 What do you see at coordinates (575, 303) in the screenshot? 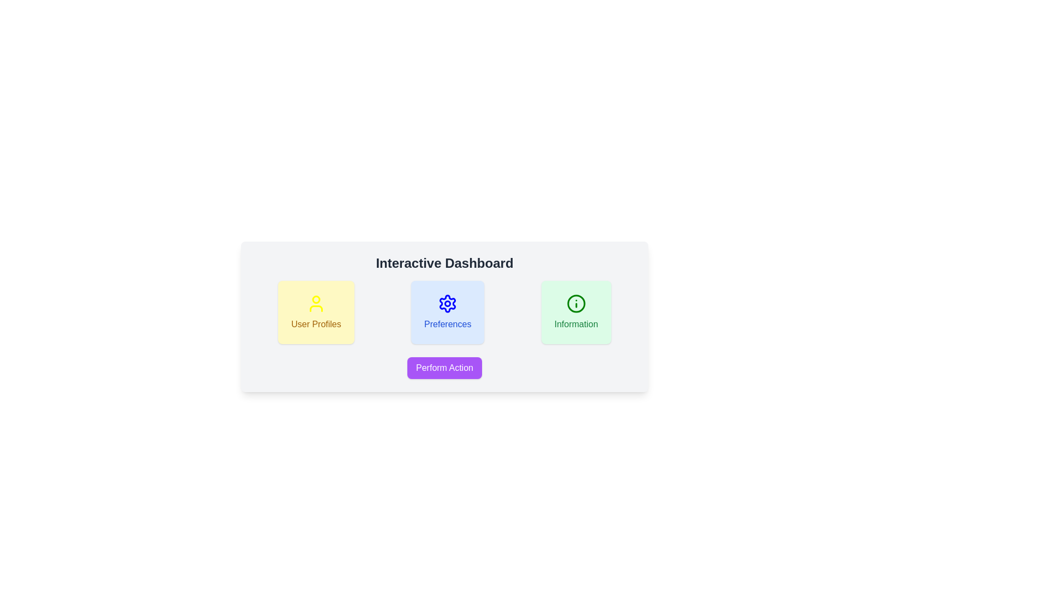
I see `the circular part of the 'Information' icon, which is centered in the light green square labeled 'Information' on the right side of the interactive dashboard` at bounding box center [575, 303].